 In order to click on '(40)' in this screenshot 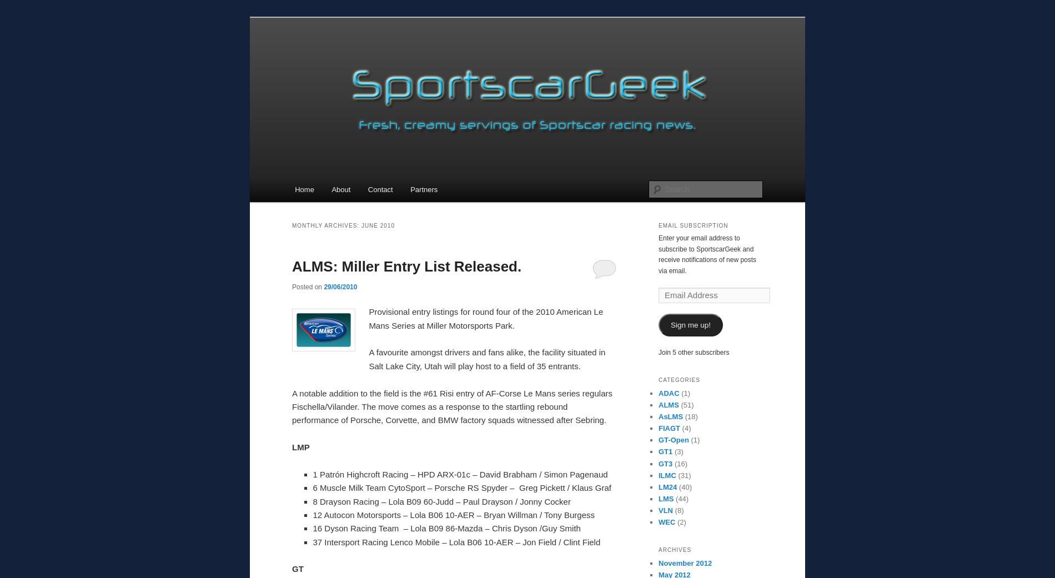, I will do `click(683, 486)`.